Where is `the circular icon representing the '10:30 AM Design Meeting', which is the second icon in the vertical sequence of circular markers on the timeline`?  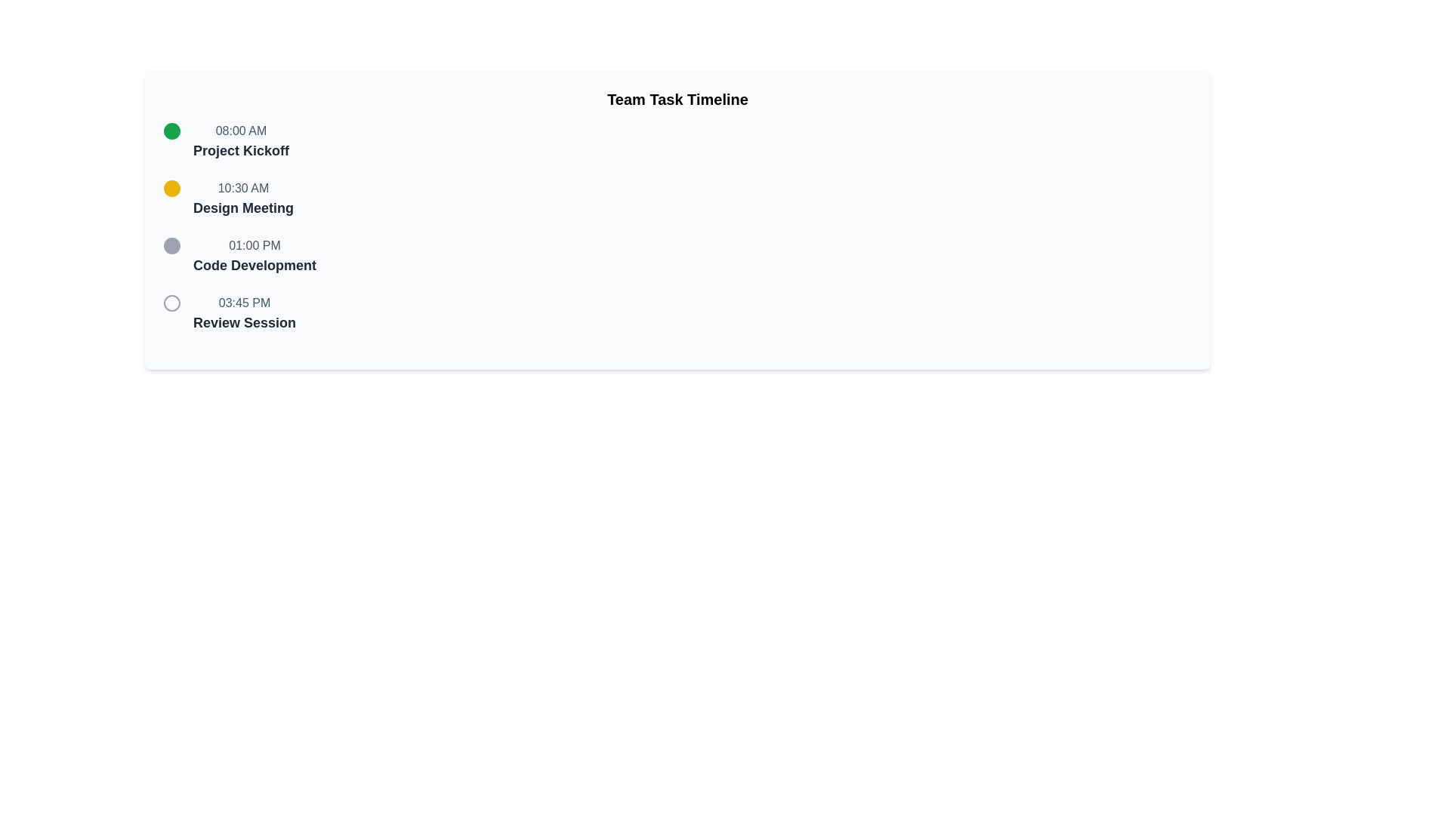 the circular icon representing the '10:30 AM Design Meeting', which is the second icon in the vertical sequence of circular markers on the timeline is located at coordinates (171, 188).